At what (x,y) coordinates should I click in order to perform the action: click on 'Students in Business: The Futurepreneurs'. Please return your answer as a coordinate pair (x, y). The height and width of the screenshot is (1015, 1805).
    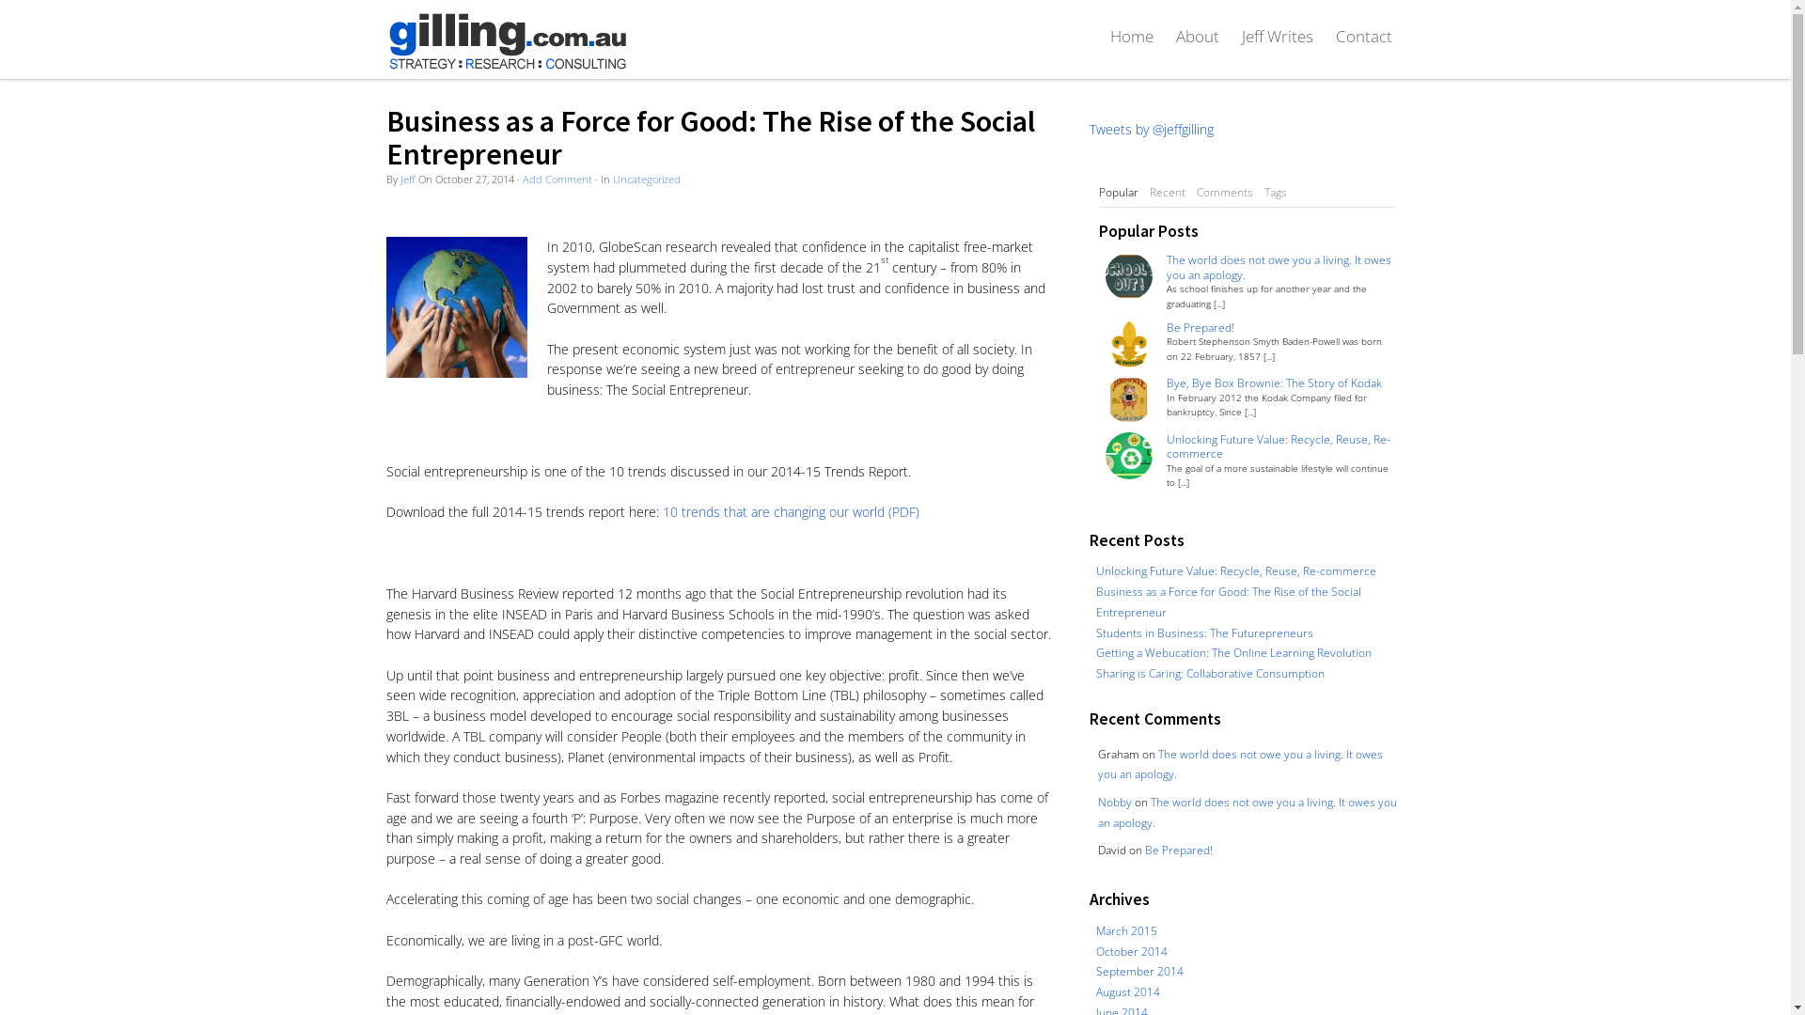
    Looking at the image, I should click on (1204, 632).